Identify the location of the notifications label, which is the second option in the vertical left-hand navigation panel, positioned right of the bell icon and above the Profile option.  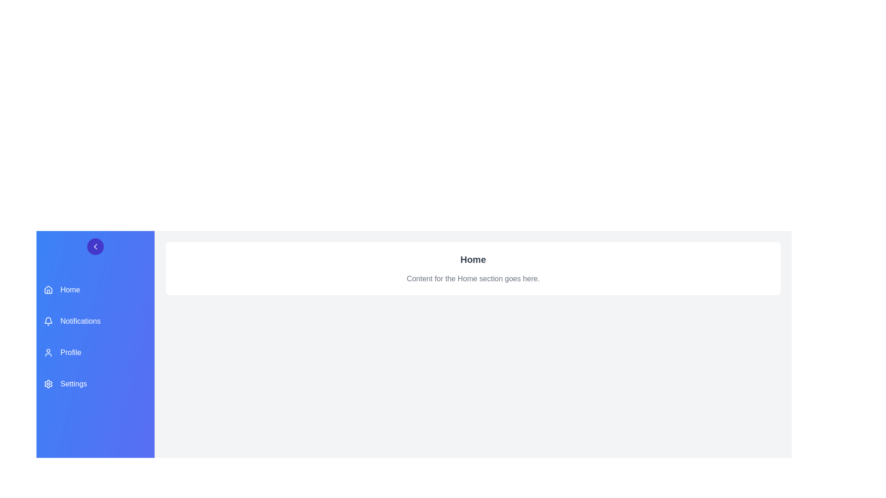
(80, 321).